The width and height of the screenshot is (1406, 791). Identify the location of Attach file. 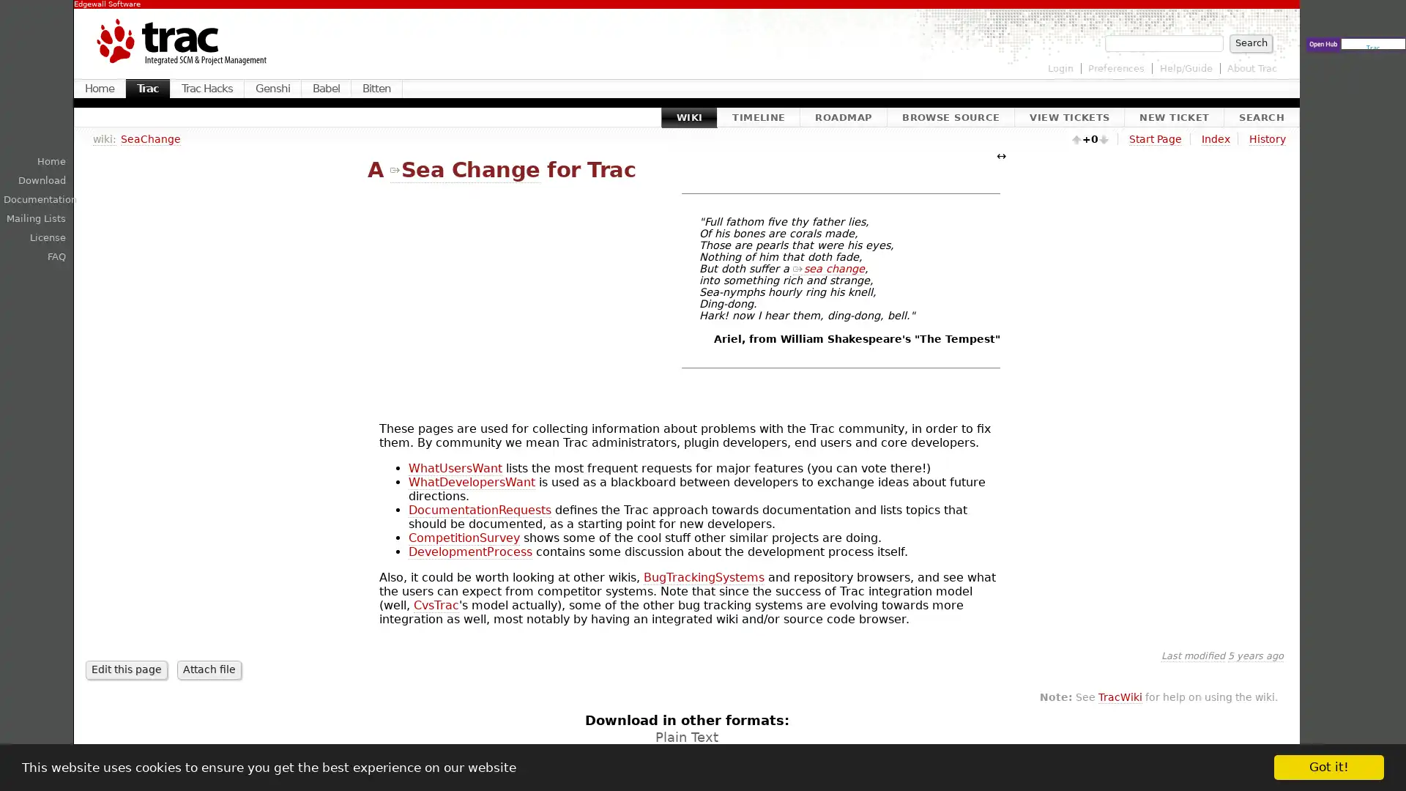
(207, 669).